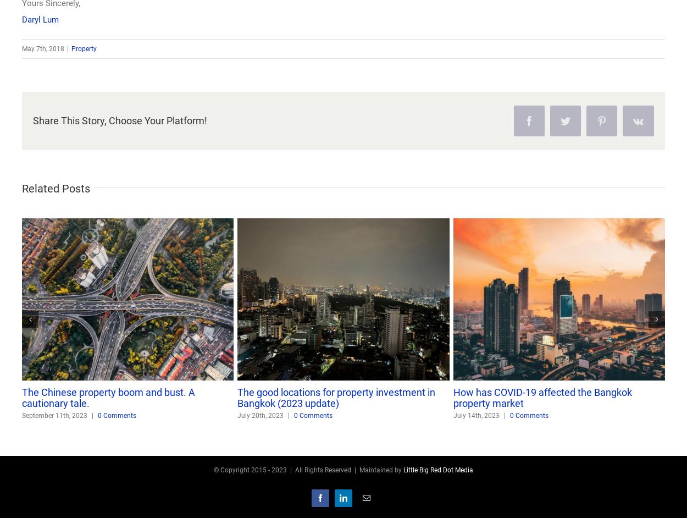  Describe the element at coordinates (336, 397) in the screenshot. I see `'The good locations for property investment in Bangkok (2023 update)'` at that location.